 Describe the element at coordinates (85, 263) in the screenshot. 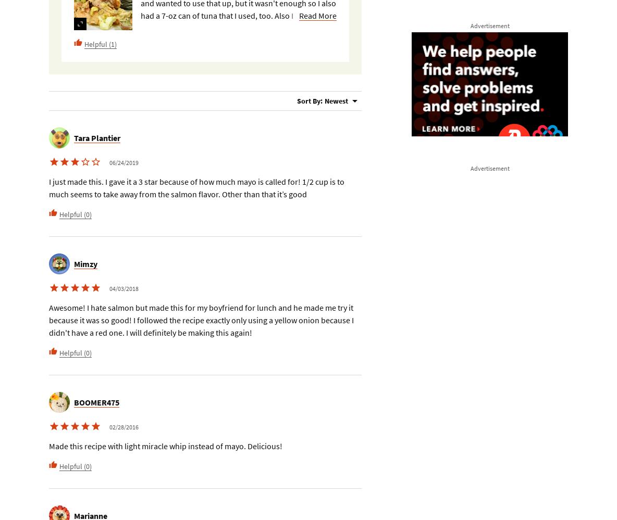

I see `'Mimzy'` at that location.